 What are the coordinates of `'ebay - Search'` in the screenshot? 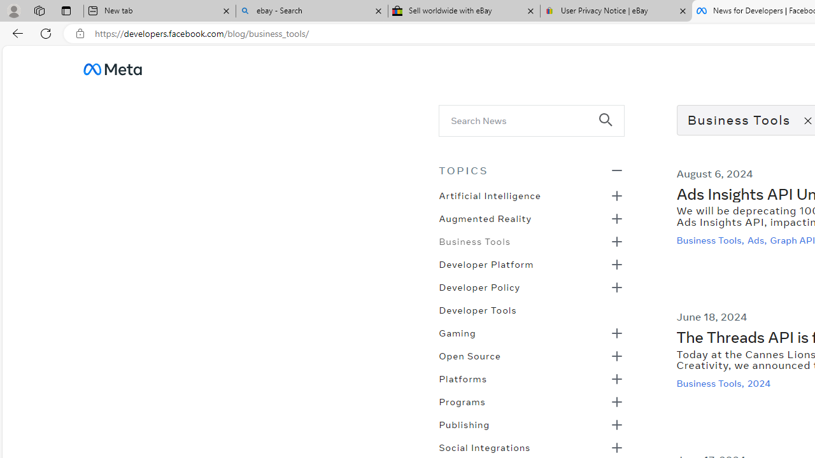 It's located at (312, 11).